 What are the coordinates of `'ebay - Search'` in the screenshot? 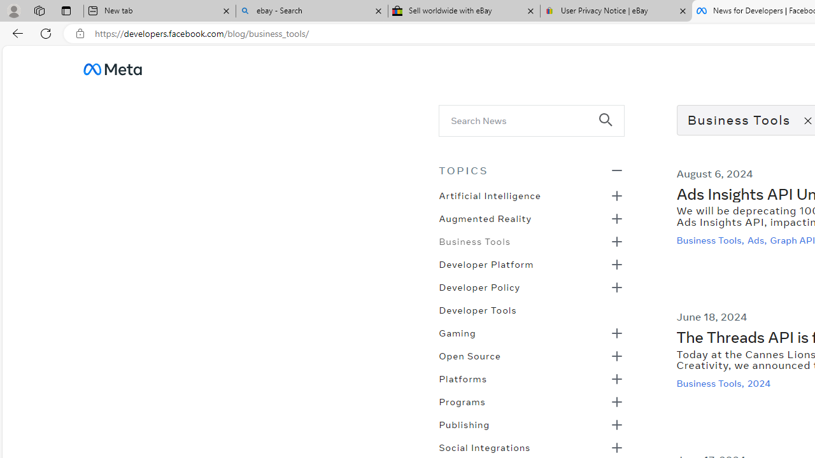 It's located at (312, 11).